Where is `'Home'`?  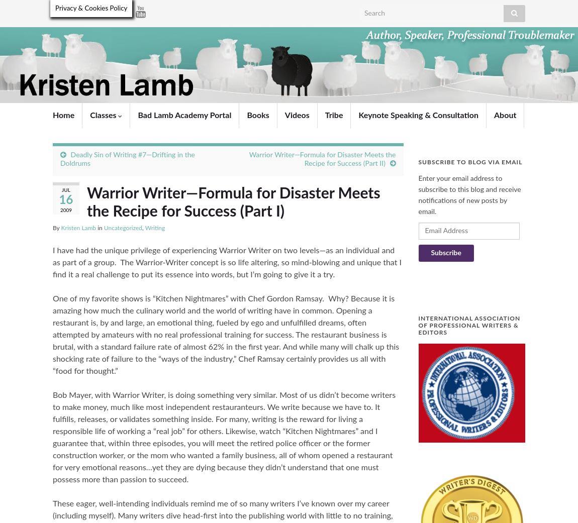
'Home' is located at coordinates (63, 115).